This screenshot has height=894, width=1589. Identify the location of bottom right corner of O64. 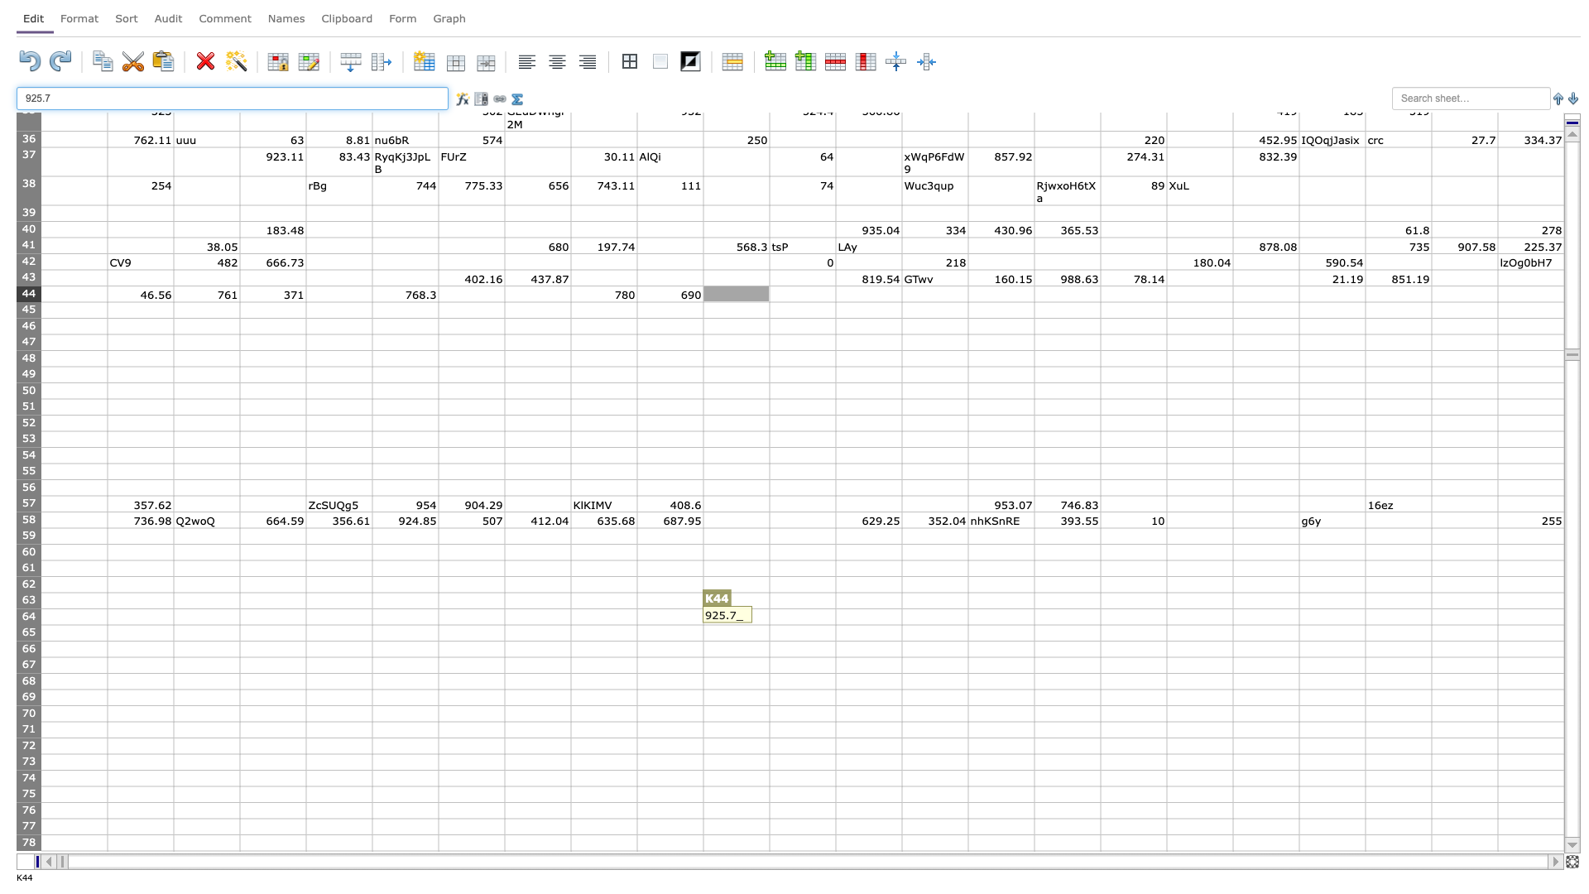
(1033, 625).